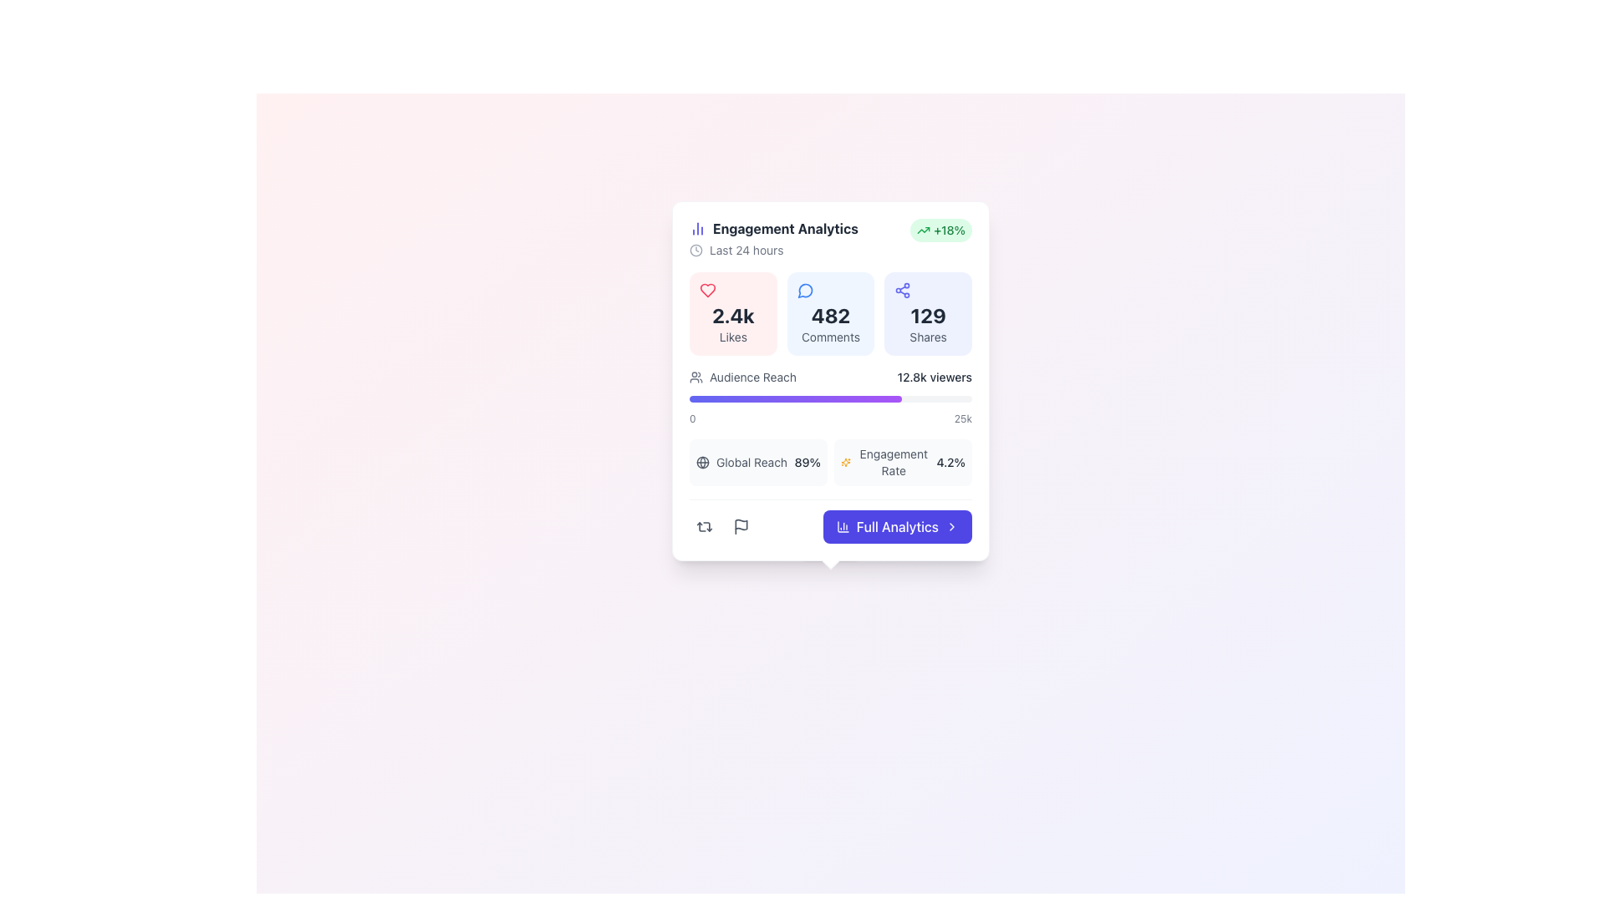 This screenshot has height=902, width=1605. I want to click on the decorative or informative icon located to the left of the text 'Last 24 hours' in the 'Engagement Analytics' card, so click(696, 251).